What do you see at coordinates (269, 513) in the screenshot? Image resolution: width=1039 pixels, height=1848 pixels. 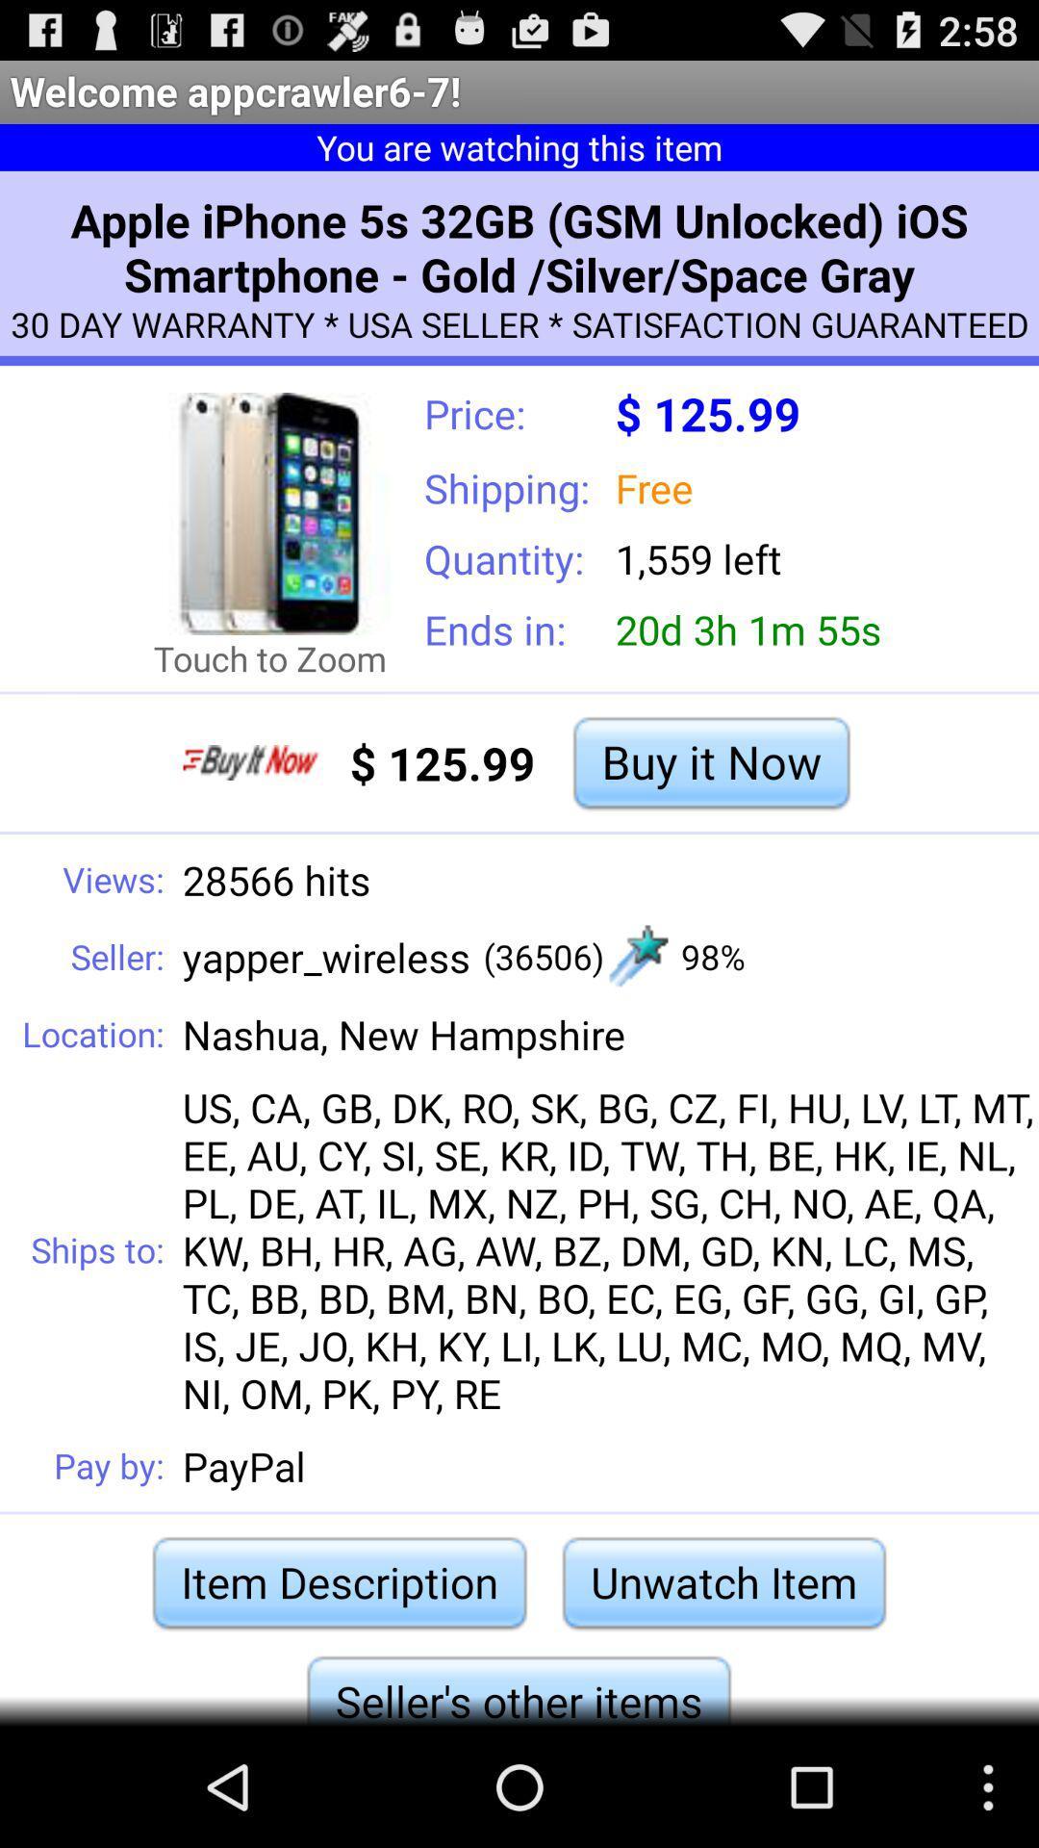 I see `item to the left of price: app` at bounding box center [269, 513].